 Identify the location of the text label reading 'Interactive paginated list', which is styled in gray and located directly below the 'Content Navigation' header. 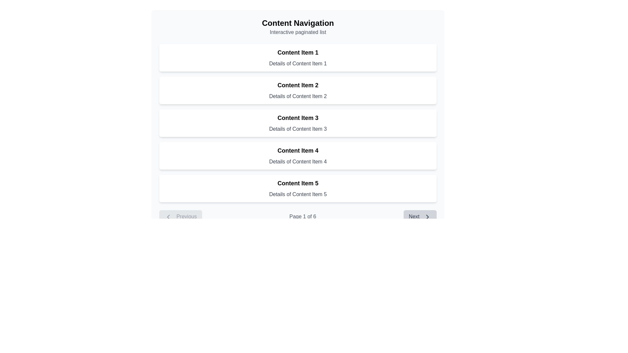
(298, 32).